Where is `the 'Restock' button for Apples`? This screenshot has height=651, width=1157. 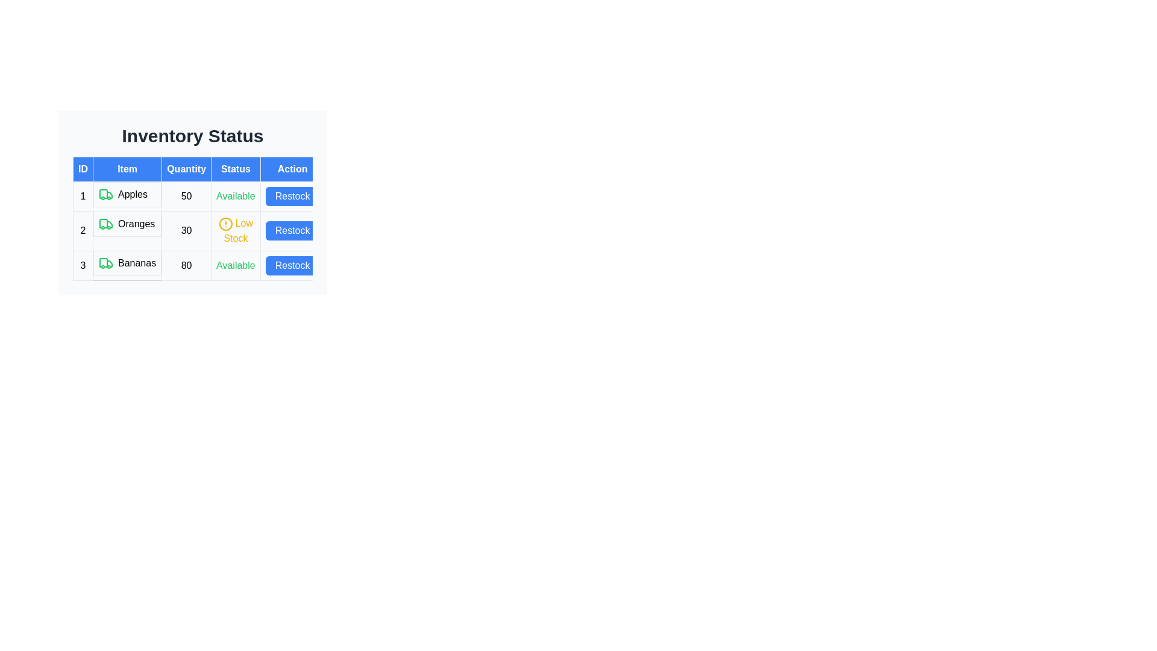 the 'Restock' button for Apples is located at coordinates (292, 196).